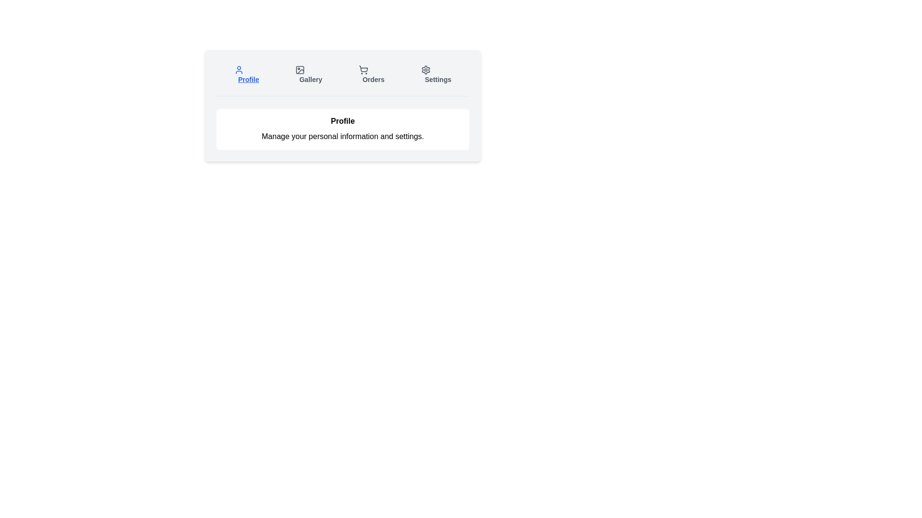 Image resolution: width=922 pixels, height=518 pixels. What do you see at coordinates (309, 74) in the screenshot?
I see `the tab labeled Gallery` at bounding box center [309, 74].